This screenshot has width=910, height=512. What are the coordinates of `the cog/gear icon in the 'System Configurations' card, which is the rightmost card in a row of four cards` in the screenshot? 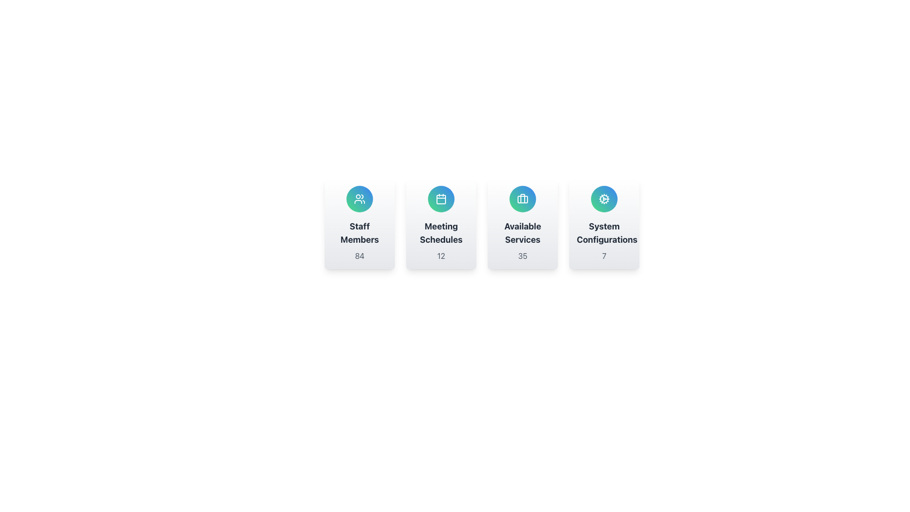 It's located at (604, 199).